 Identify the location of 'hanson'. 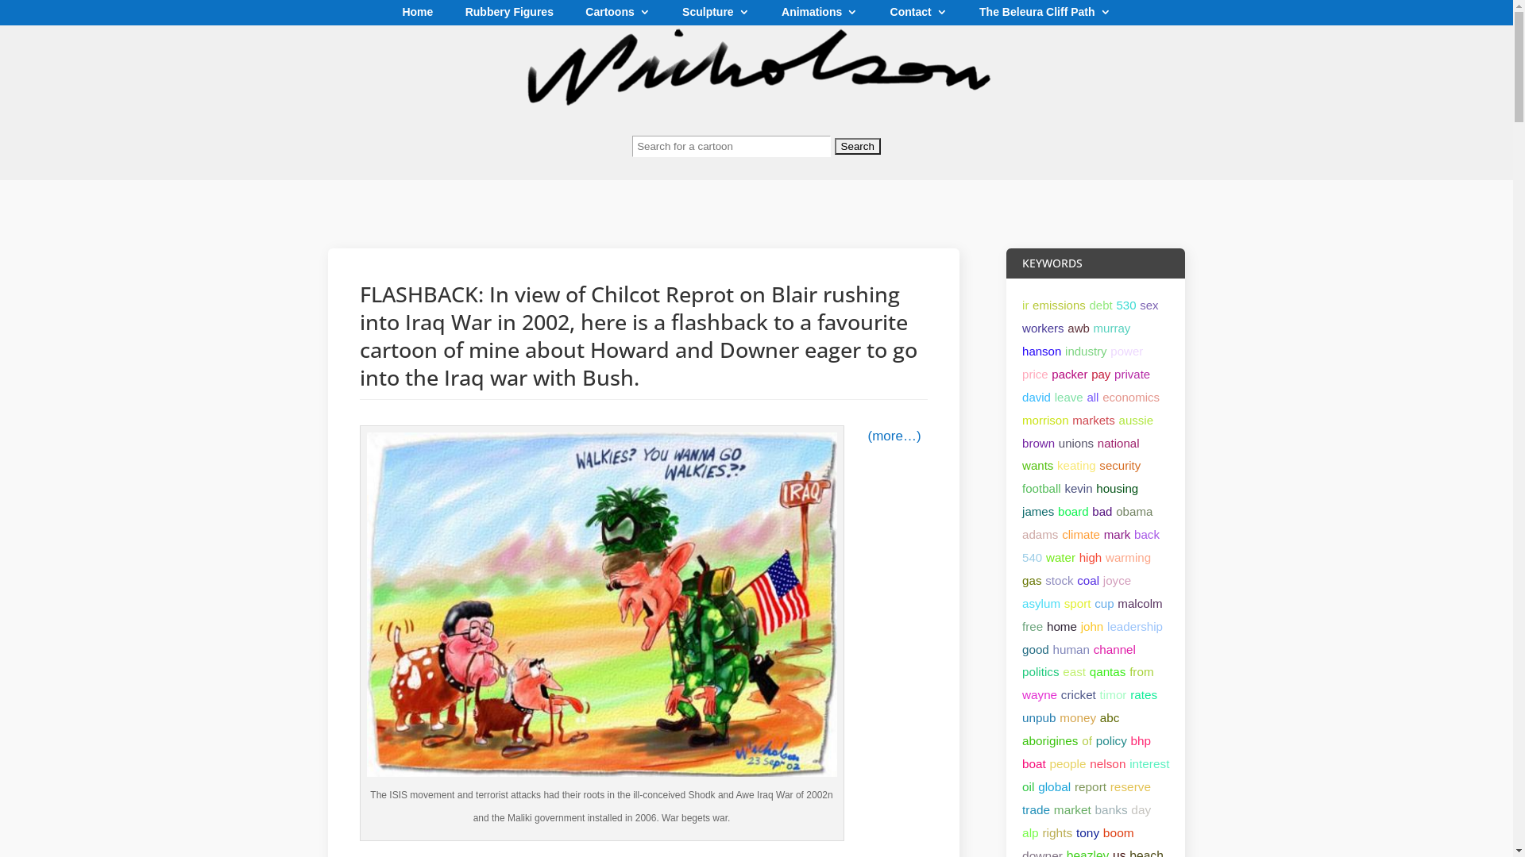
(1041, 350).